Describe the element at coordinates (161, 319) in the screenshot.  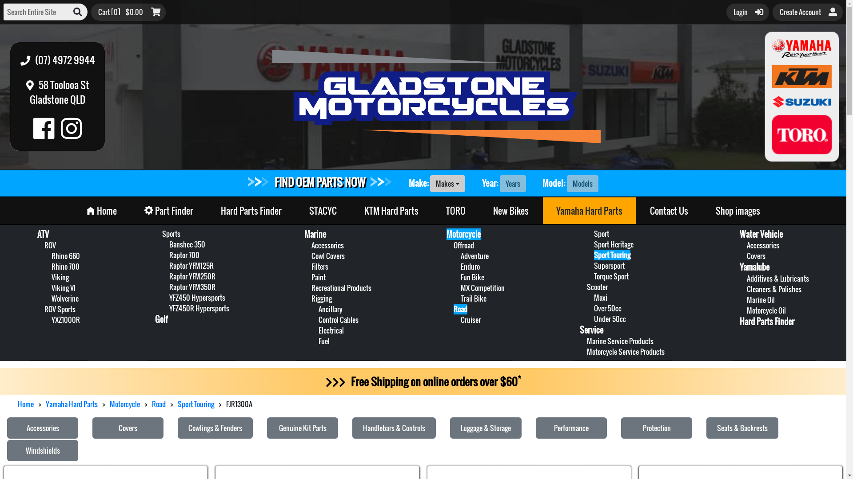
I see `'Golf'` at that location.